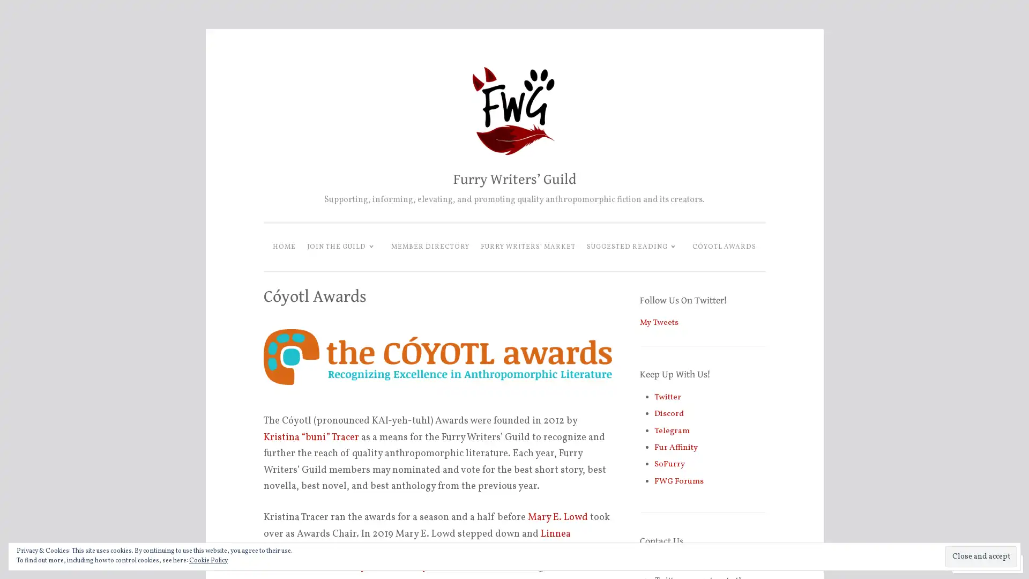 This screenshot has height=579, width=1029. Describe the element at coordinates (981, 556) in the screenshot. I see `Close and accept` at that location.